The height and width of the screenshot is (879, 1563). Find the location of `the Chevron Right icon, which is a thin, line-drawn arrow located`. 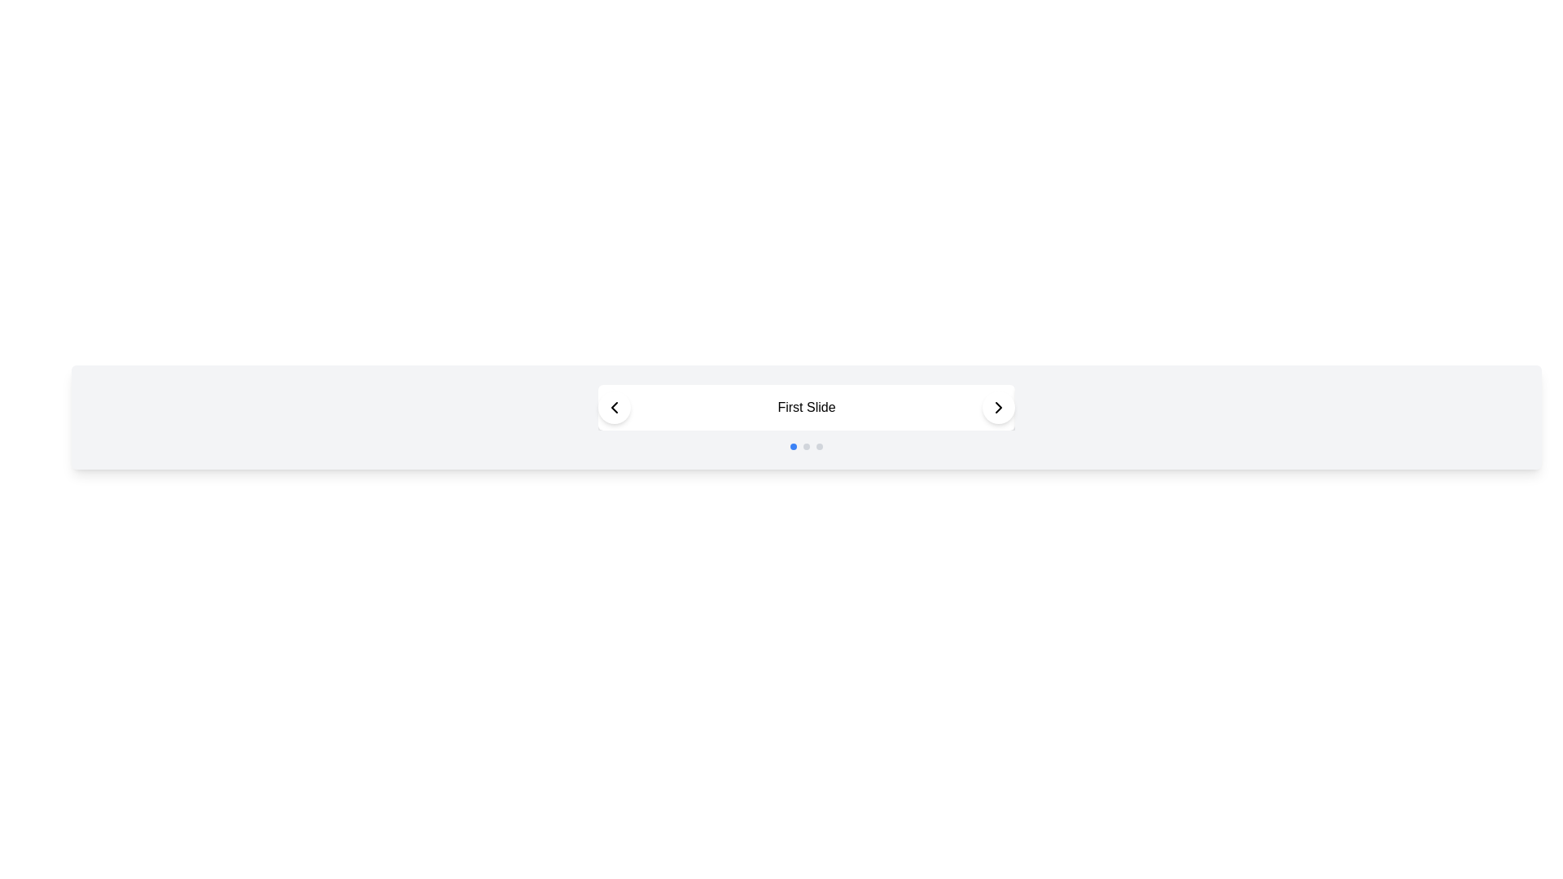

the Chevron Right icon, which is a thin, line-drawn arrow located is located at coordinates (998, 407).